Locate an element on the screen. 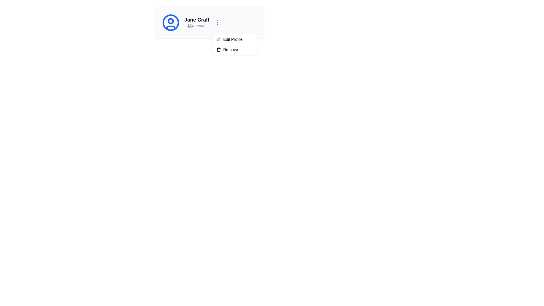 Image resolution: width=544 pixels, height=306 pixels. the trash icon located to the left of the 'Remove' text label in the dropdown menu is located at coordinates (218, 49).